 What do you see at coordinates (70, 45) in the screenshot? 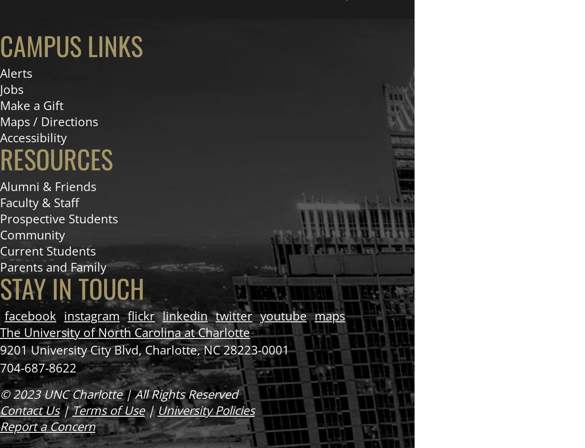
I see `'Campus Links'` at bounding box center [70, 45].